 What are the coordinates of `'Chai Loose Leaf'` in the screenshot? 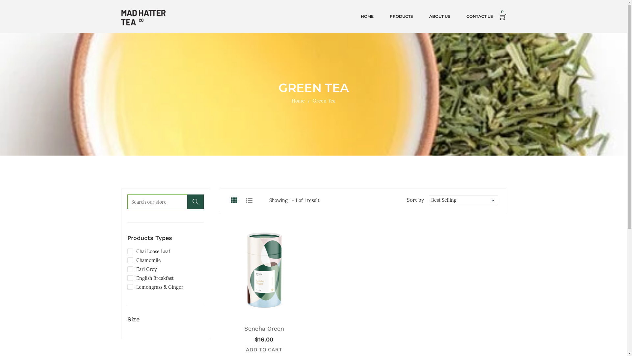 It's located at (127, 252).